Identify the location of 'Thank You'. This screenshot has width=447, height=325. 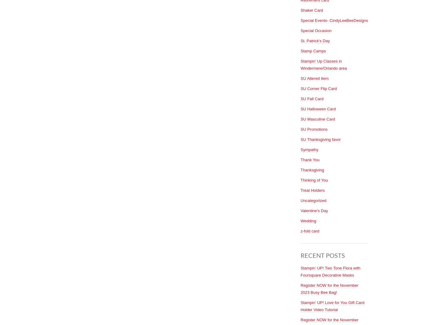
(310, 159).